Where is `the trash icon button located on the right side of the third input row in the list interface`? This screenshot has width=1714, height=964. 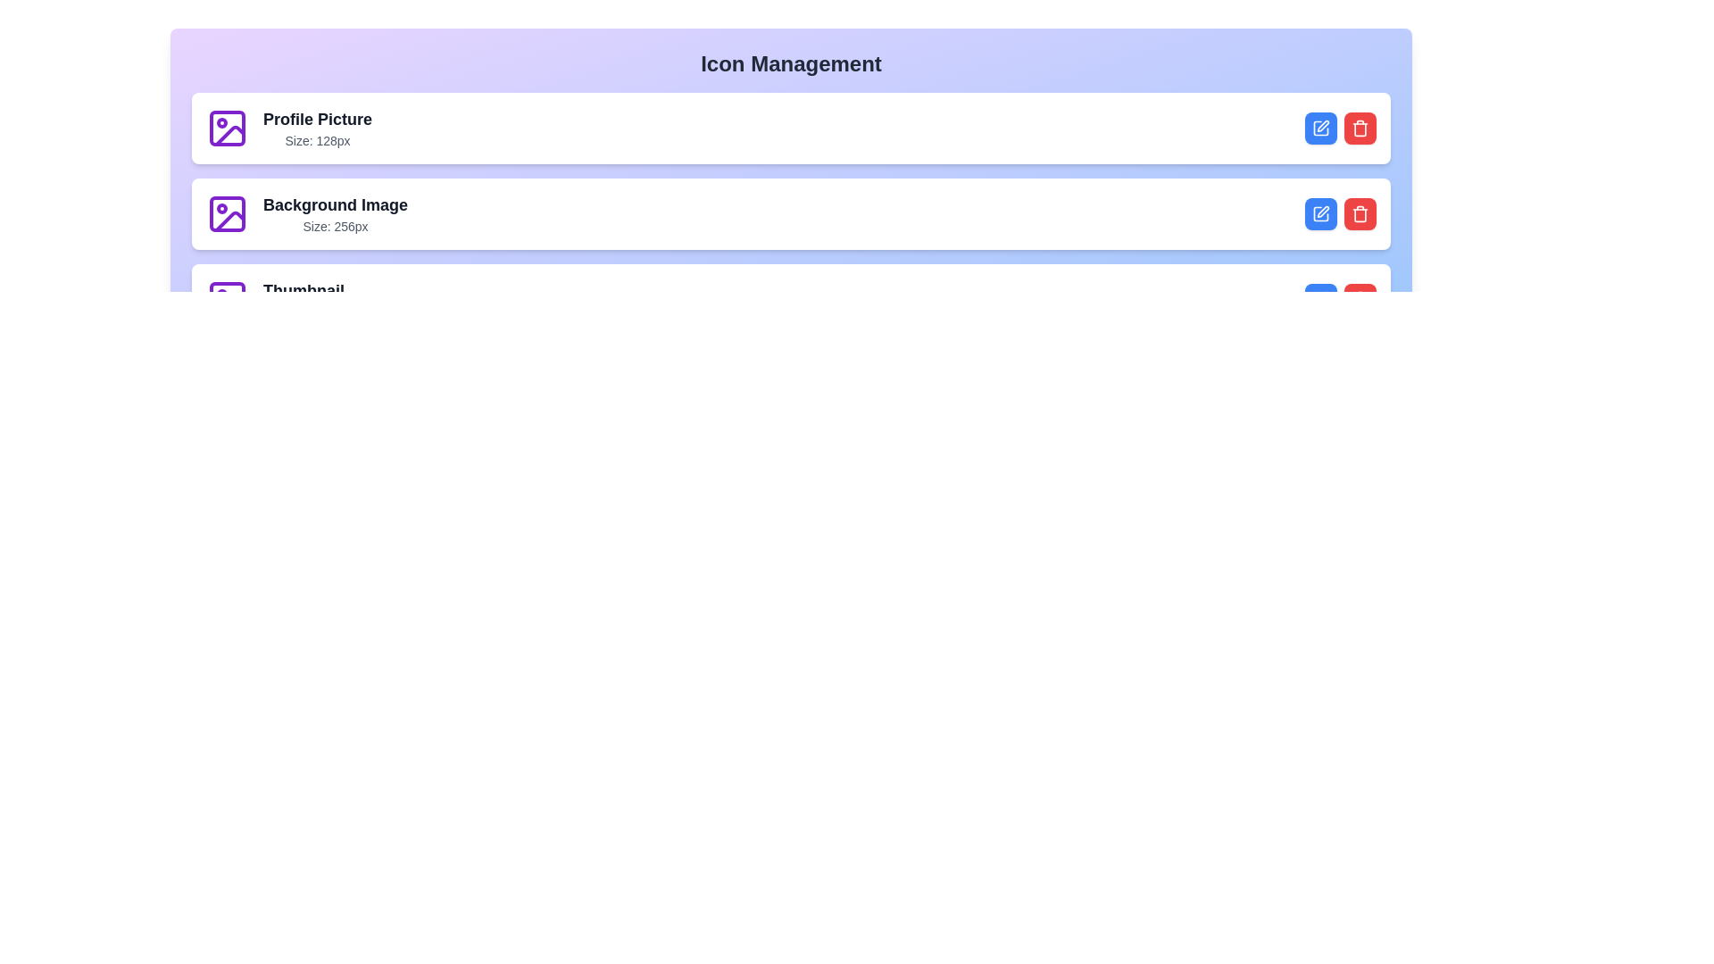 the trash icon button located on the right side of the third input row in the list interface is located at coordinates (1359, 298).